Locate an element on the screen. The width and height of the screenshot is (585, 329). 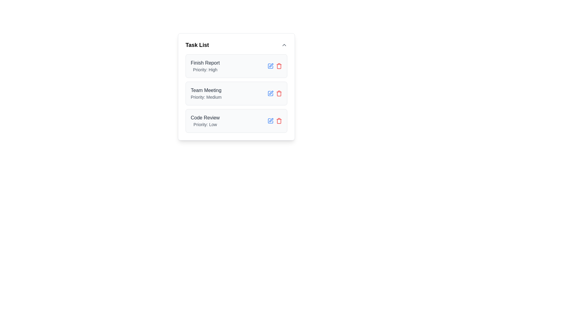
the 'Finish Report' text display component which shows 'Priority: High' below it, located in the topmost task item of the 'Task List' section is located at coordinates (205, 66).